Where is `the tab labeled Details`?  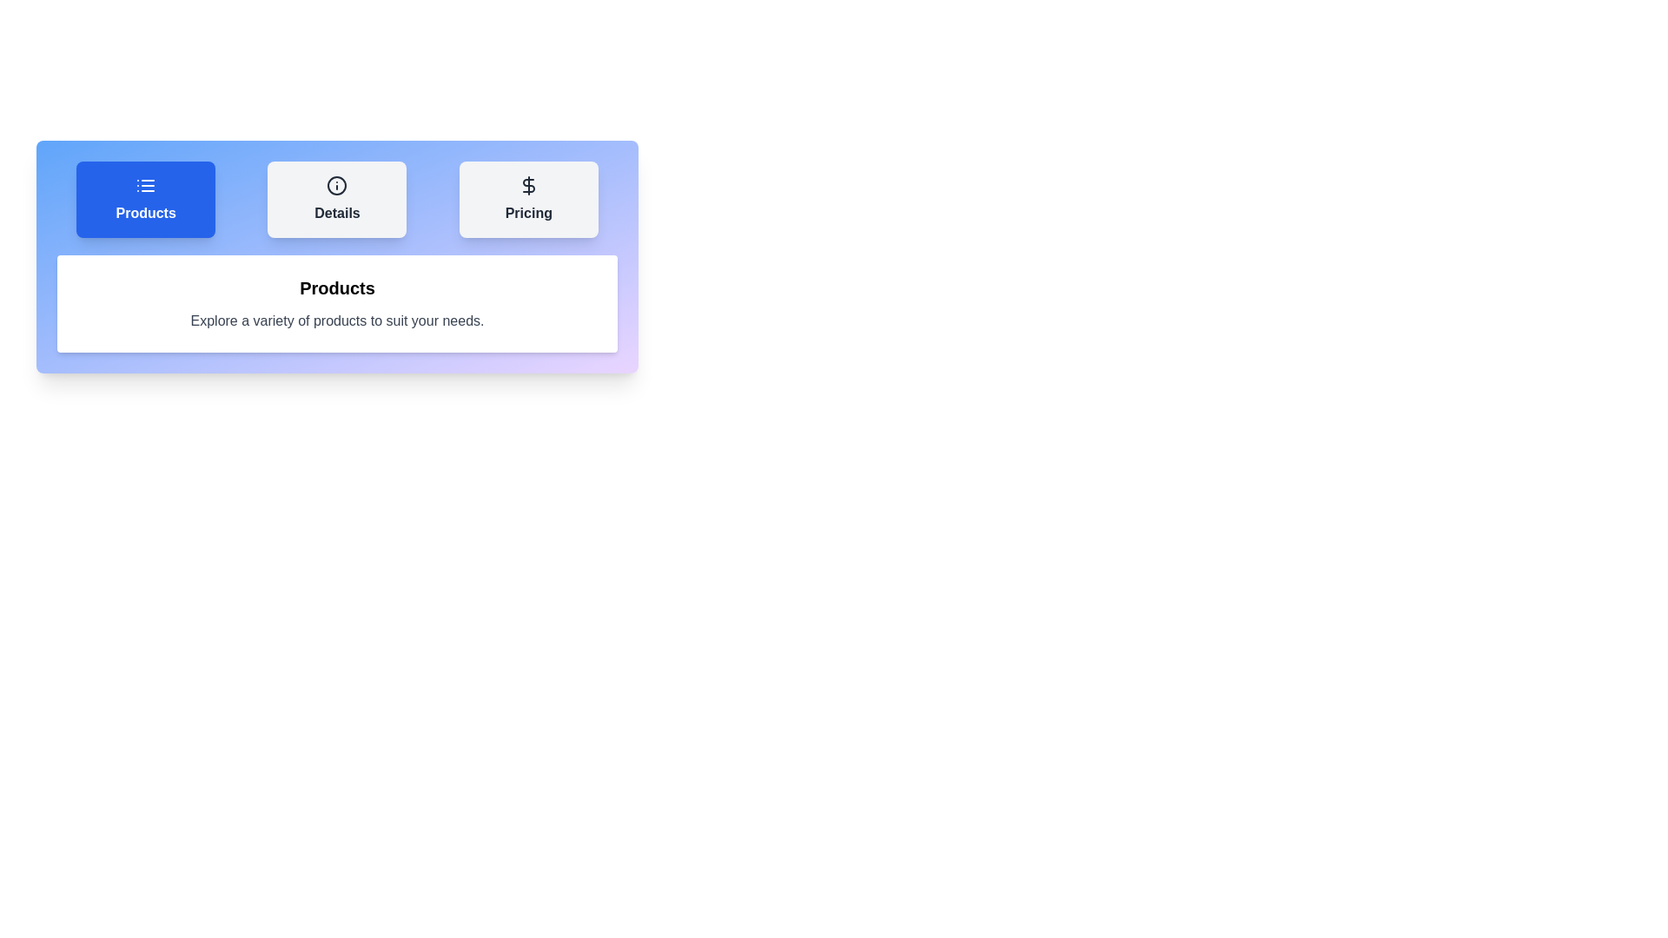
the tab labeled Details is located at coordinates (337, 199).